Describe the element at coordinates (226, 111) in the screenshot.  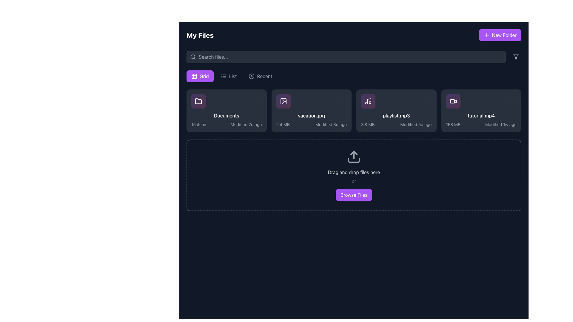
I see `the 'Documents' folder button` at that location.